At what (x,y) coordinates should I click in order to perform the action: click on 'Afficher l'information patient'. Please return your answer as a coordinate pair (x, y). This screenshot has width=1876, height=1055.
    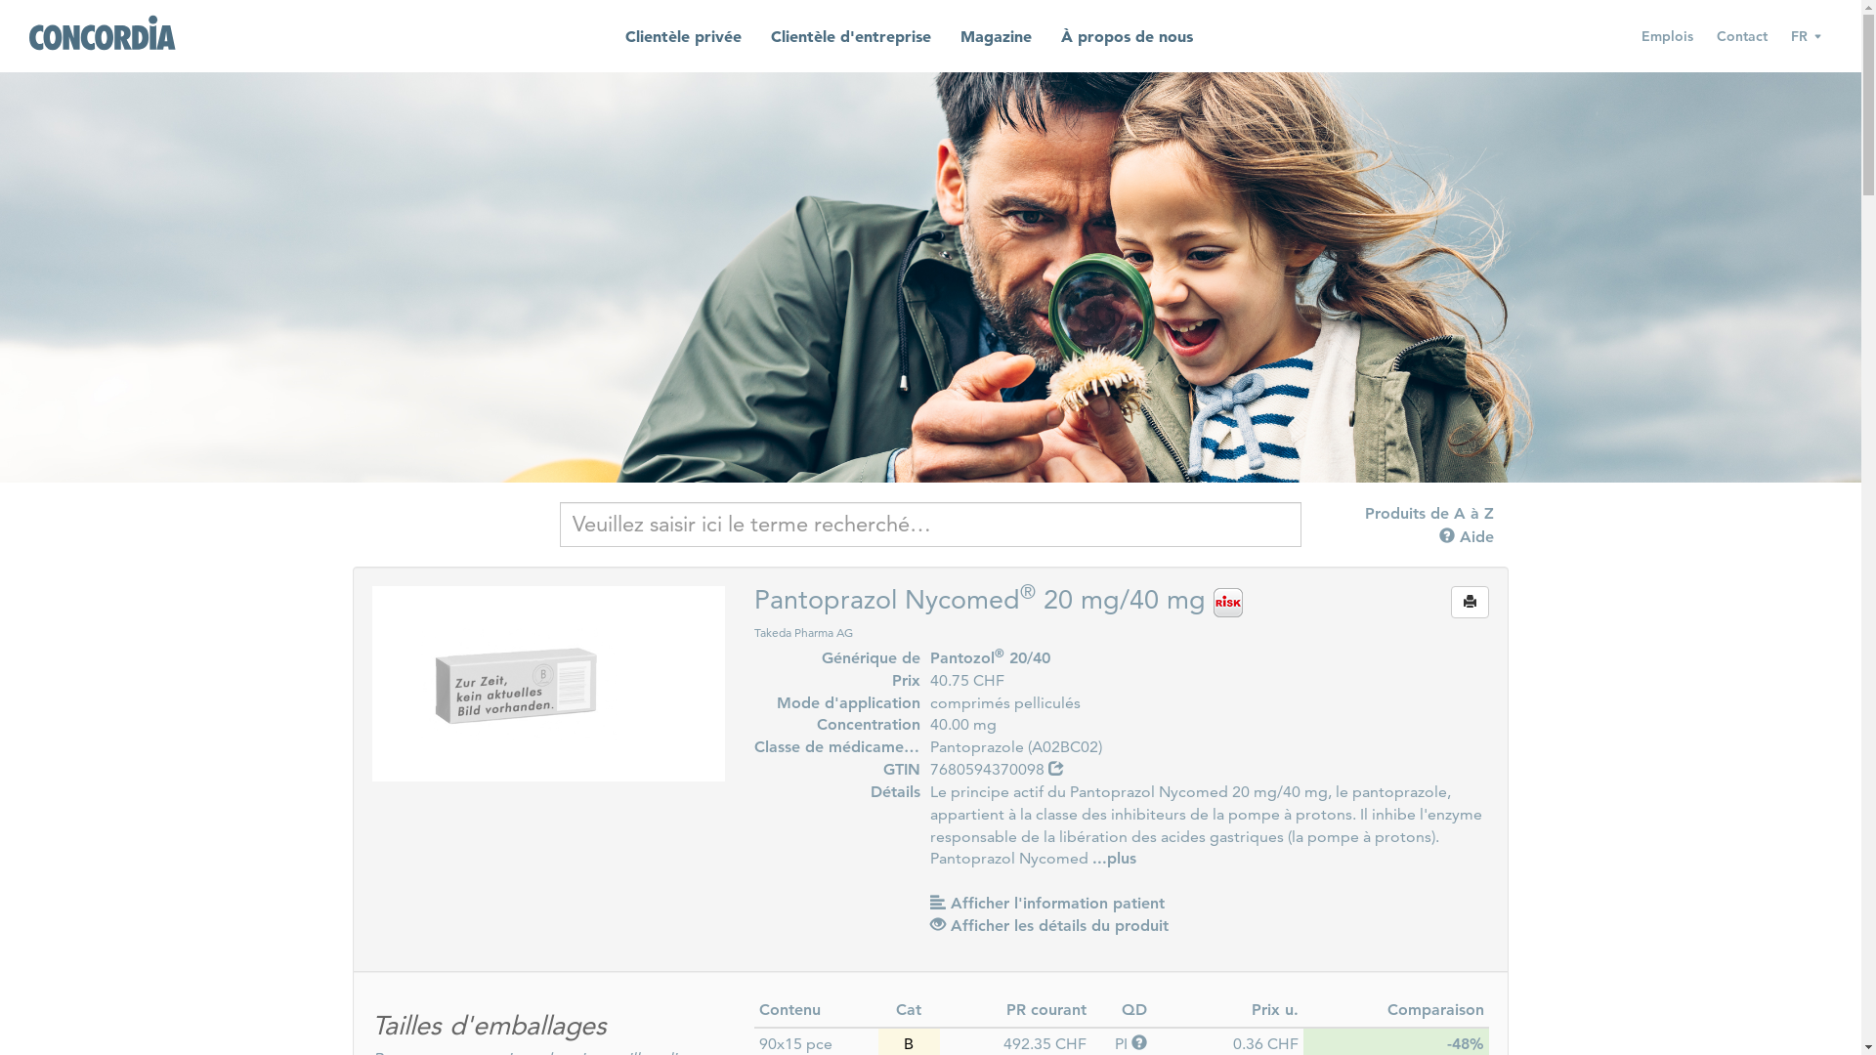
    Looking at the image, I should click on (1045, 903).